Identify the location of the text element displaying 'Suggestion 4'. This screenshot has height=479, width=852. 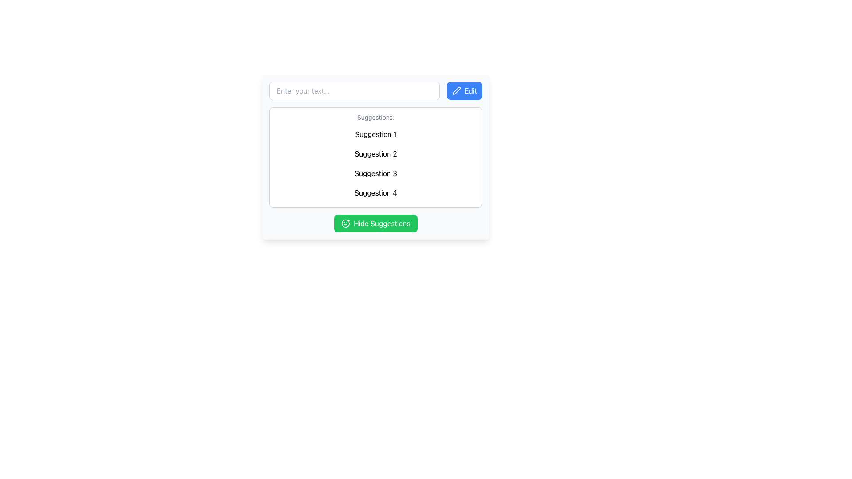
(375, 192).